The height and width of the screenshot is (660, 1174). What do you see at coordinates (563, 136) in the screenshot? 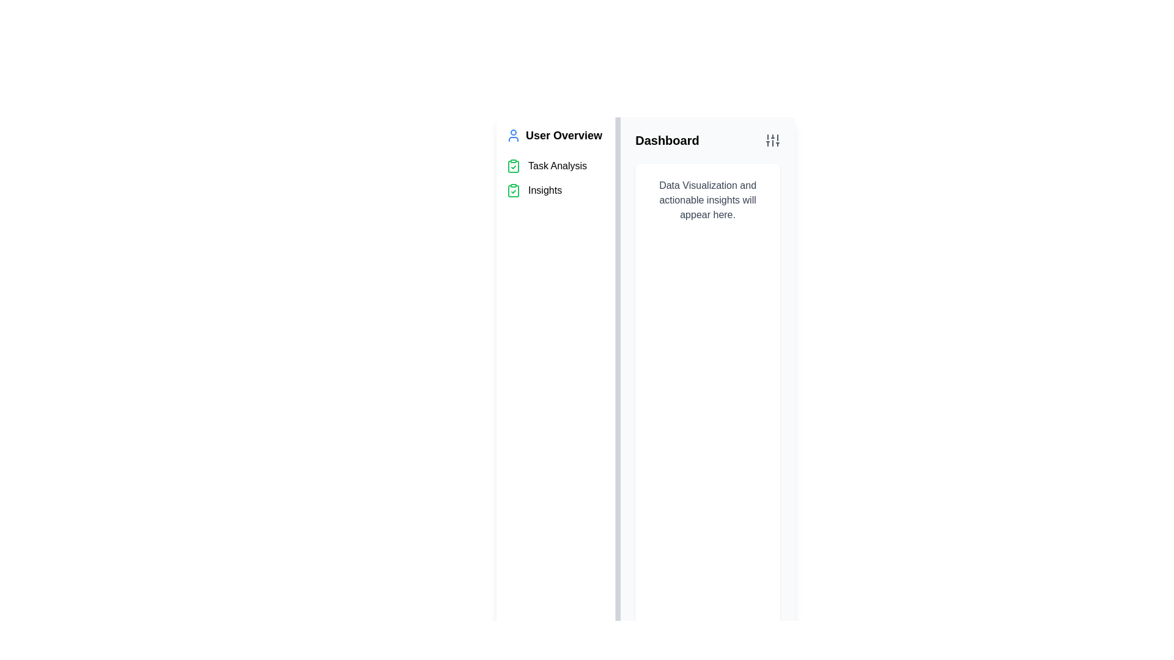
I see `the 'User Overview' text label, which is prominently displayed in a bold font near the top of the sidebar navigation, positioned to the right of the user icon` at bounding box center [563, 136].